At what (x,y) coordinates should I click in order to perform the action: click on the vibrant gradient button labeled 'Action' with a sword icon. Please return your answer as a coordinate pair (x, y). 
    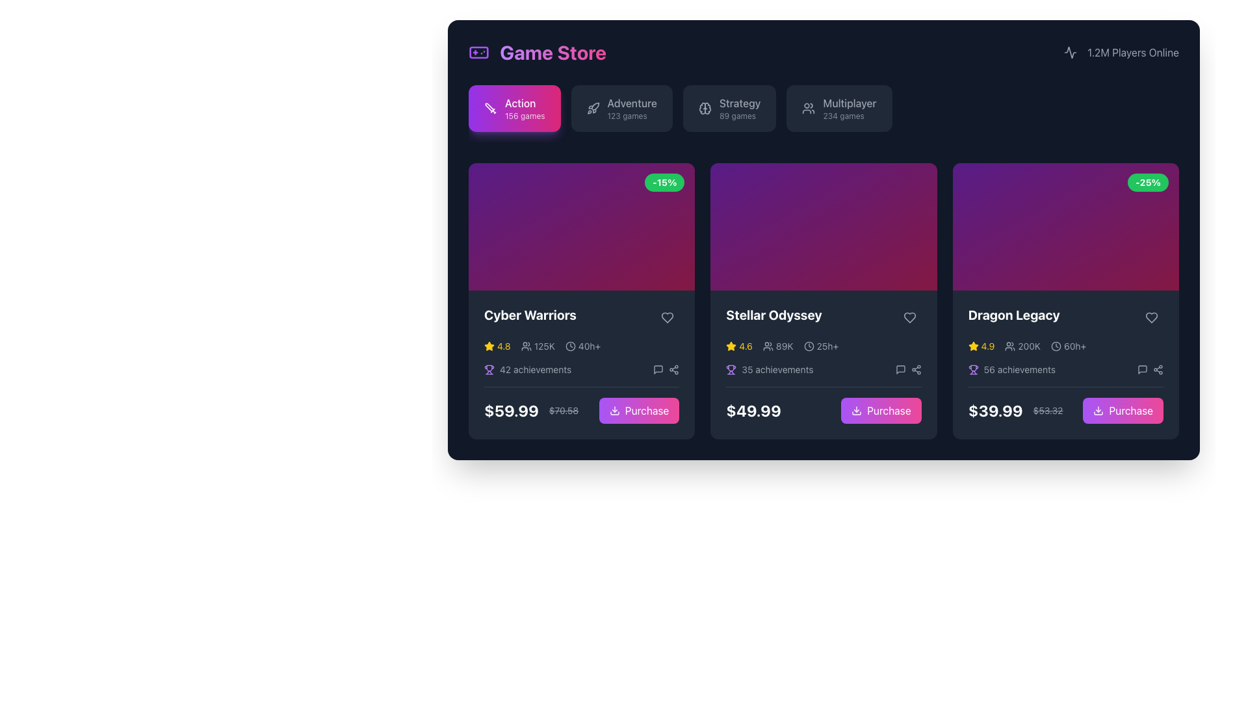
    Looking at the image, I should click on (513, 107).